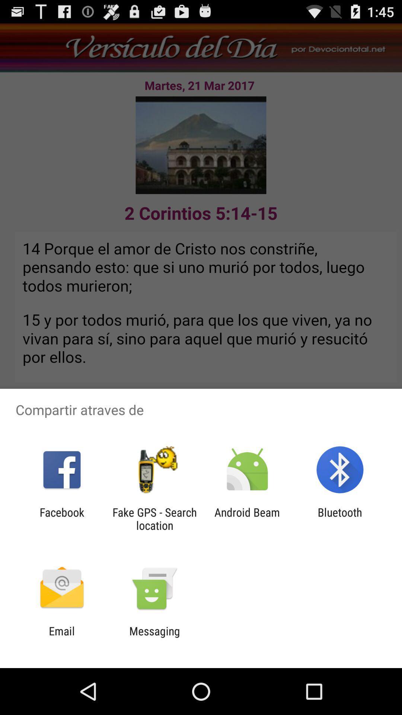 This screenshot has width=402, height=715. Describe the element at coordinates (340, 518) in the screenshot. I see `the app next to android beam item` at that location.